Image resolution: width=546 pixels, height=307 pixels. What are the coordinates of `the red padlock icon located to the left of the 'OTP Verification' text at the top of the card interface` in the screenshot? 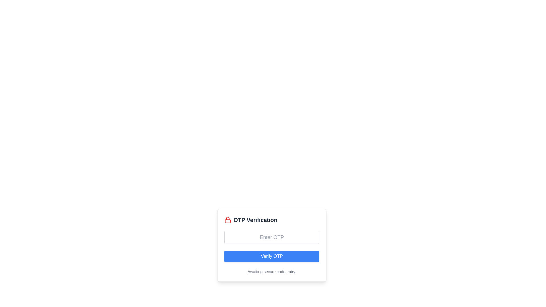 It's located at (228, 220).